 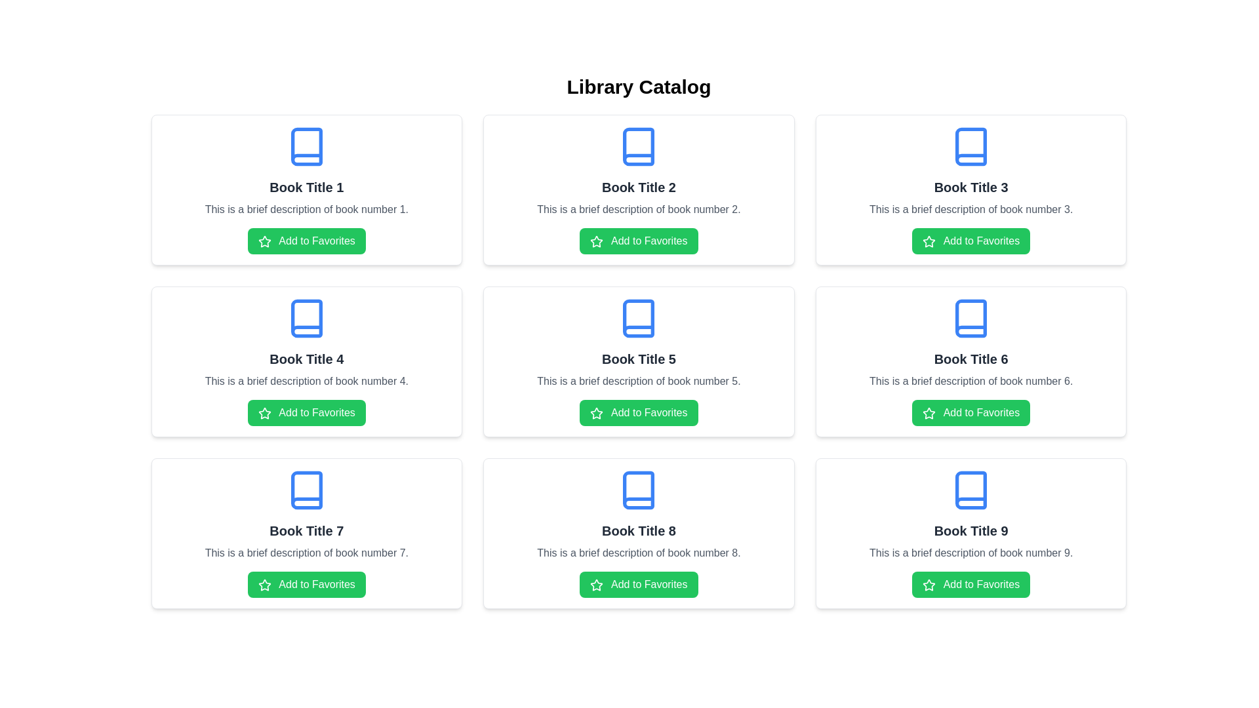 What do you see at coordinates (306, 209) in the screenshot?
I see `text description that says 'This is a brief description of book number 1.' It is styled in gray and located beneath 'Book Title 1' and above the 'Add to Favorites' button` at bounding box center [306, 209].